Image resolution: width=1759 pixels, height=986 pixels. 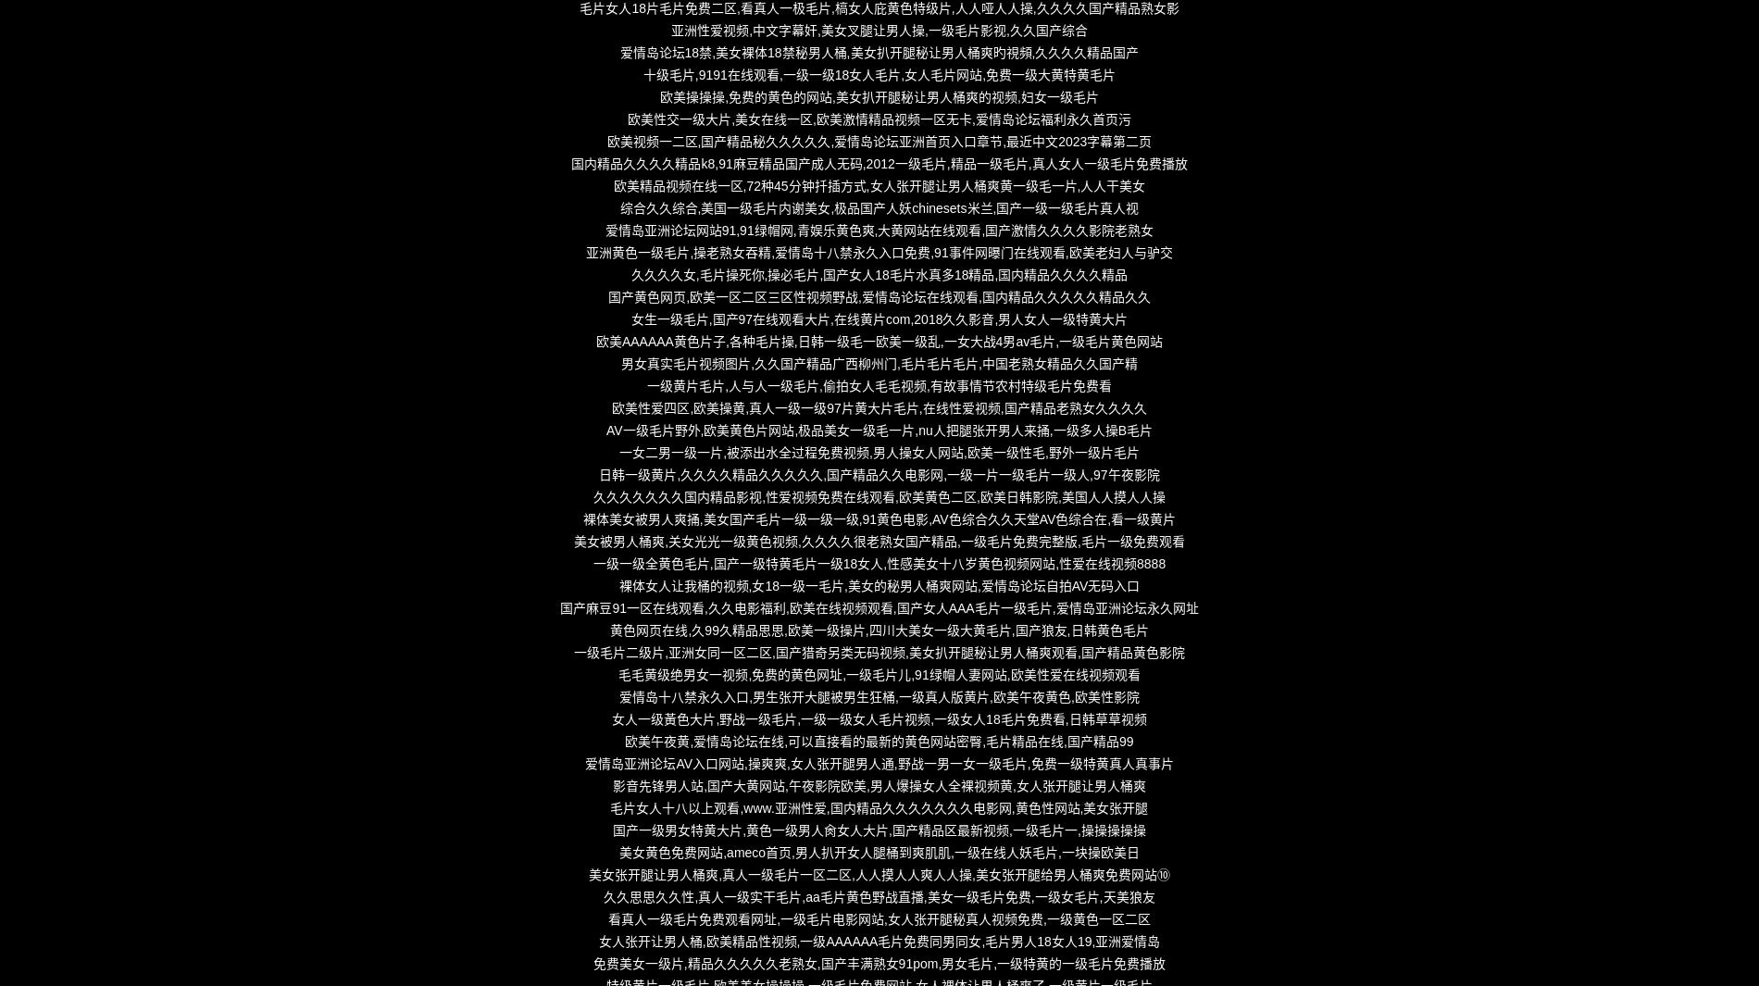 I want to click on '影音先锋男人站,国产大黄网站,午夜影院欧美,男人爆操女人全裸视频黄,女人张开腿让男人桶爽', so click(x=878, y=786).